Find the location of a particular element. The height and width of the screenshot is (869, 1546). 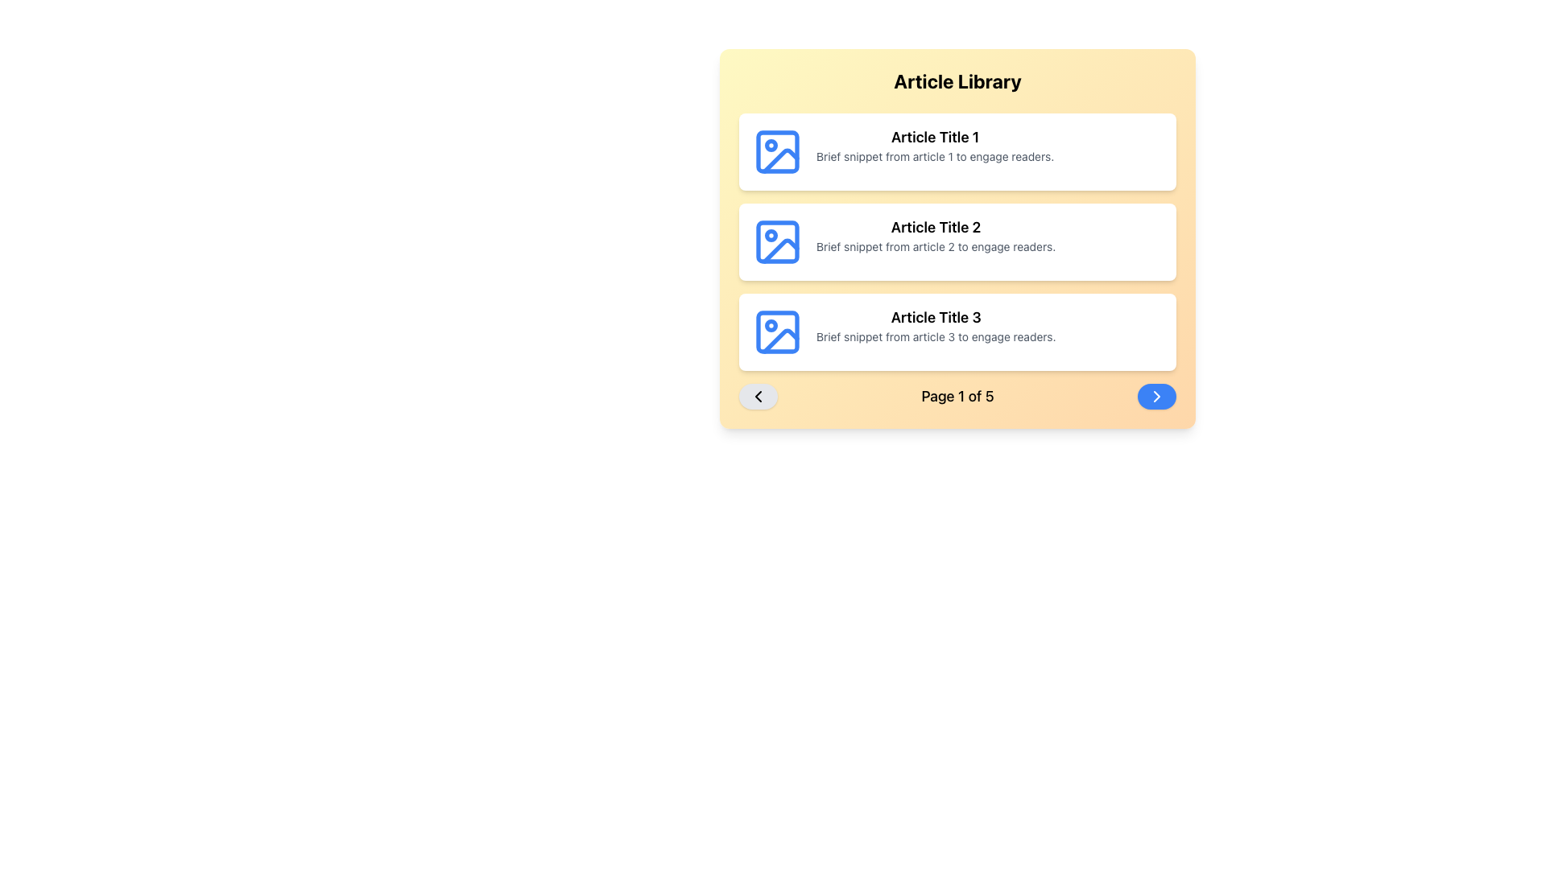

text snippet labeled 'Brief snippet from article 3 to engage readers.' located directly below 'Article Title 3' in the third article section of the 'Article Library' interface is located at coordinates (936, 336).